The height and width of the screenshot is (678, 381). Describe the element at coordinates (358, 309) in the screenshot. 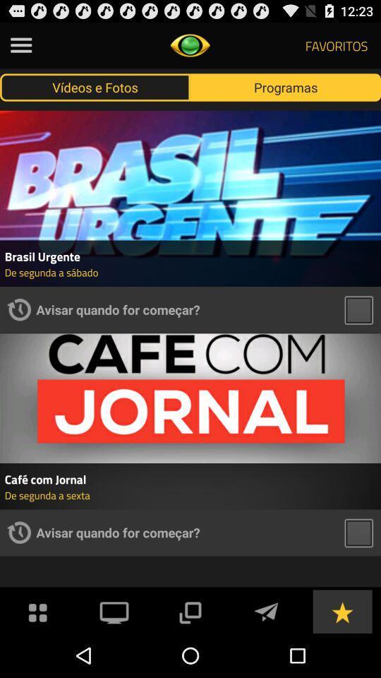

I see `shows marker box` at that location.